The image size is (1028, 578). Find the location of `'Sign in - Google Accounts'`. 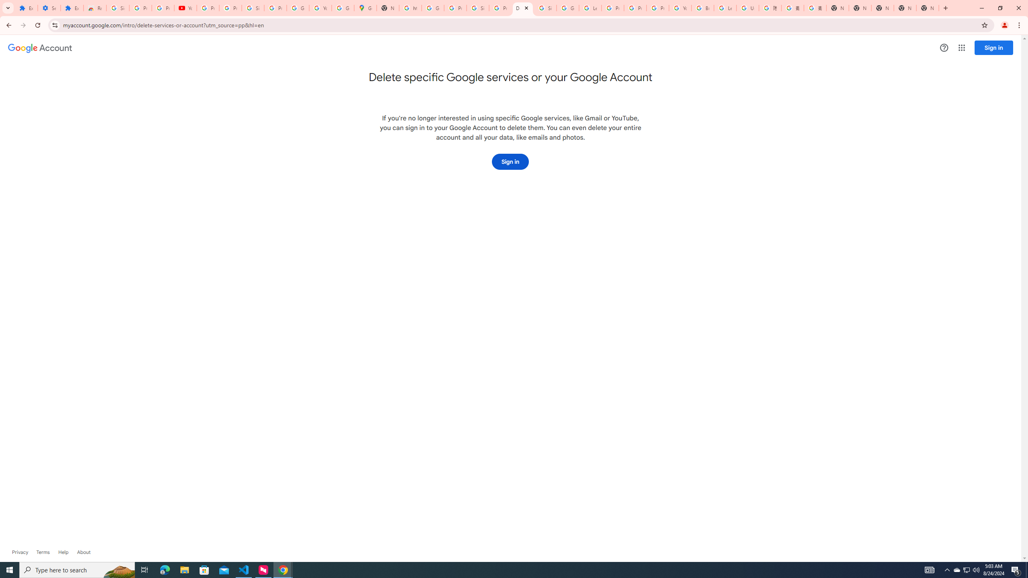

'Sign in - Google Accounts' is located at coordinates (477, 8).